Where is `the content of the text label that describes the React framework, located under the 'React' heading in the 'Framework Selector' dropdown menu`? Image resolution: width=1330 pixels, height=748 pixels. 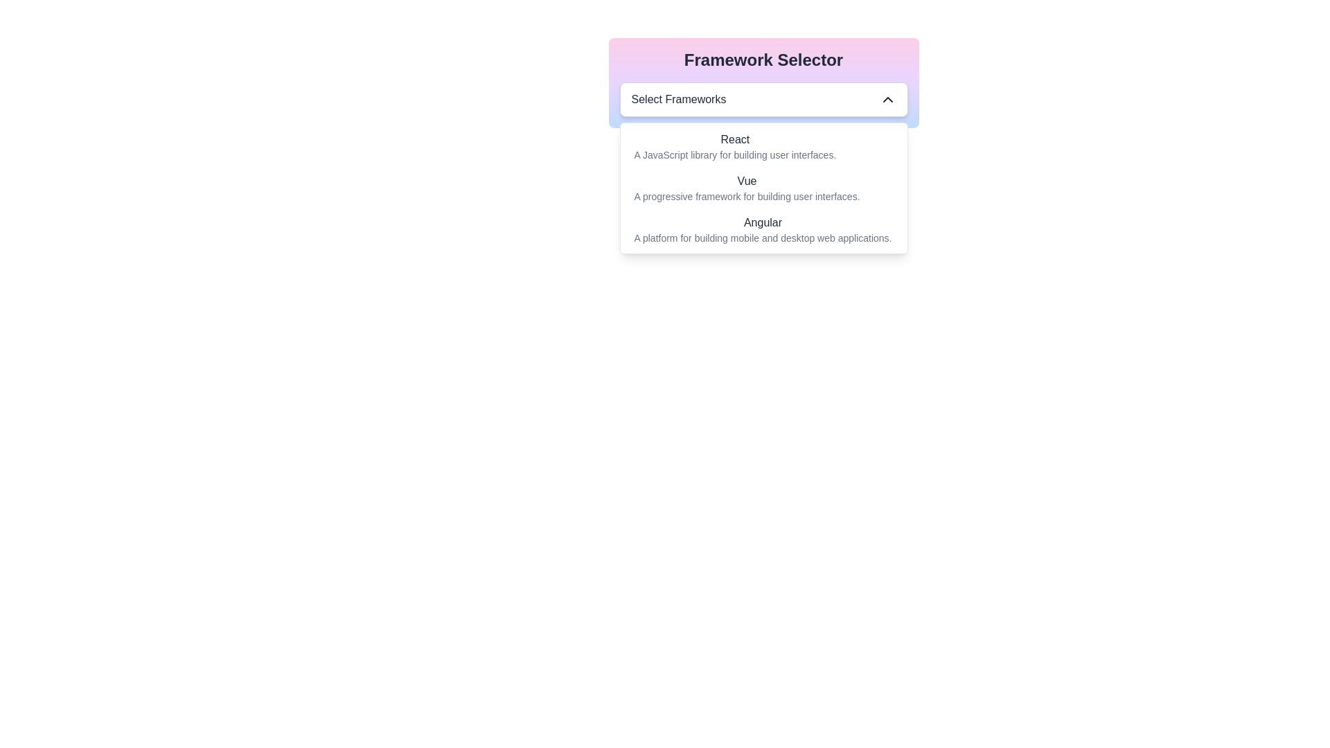
the content of the text label that describes the React framework, located under the 'React' heading in the 'Framework Selector' dropdown menu is located at coordinates (734, 154).